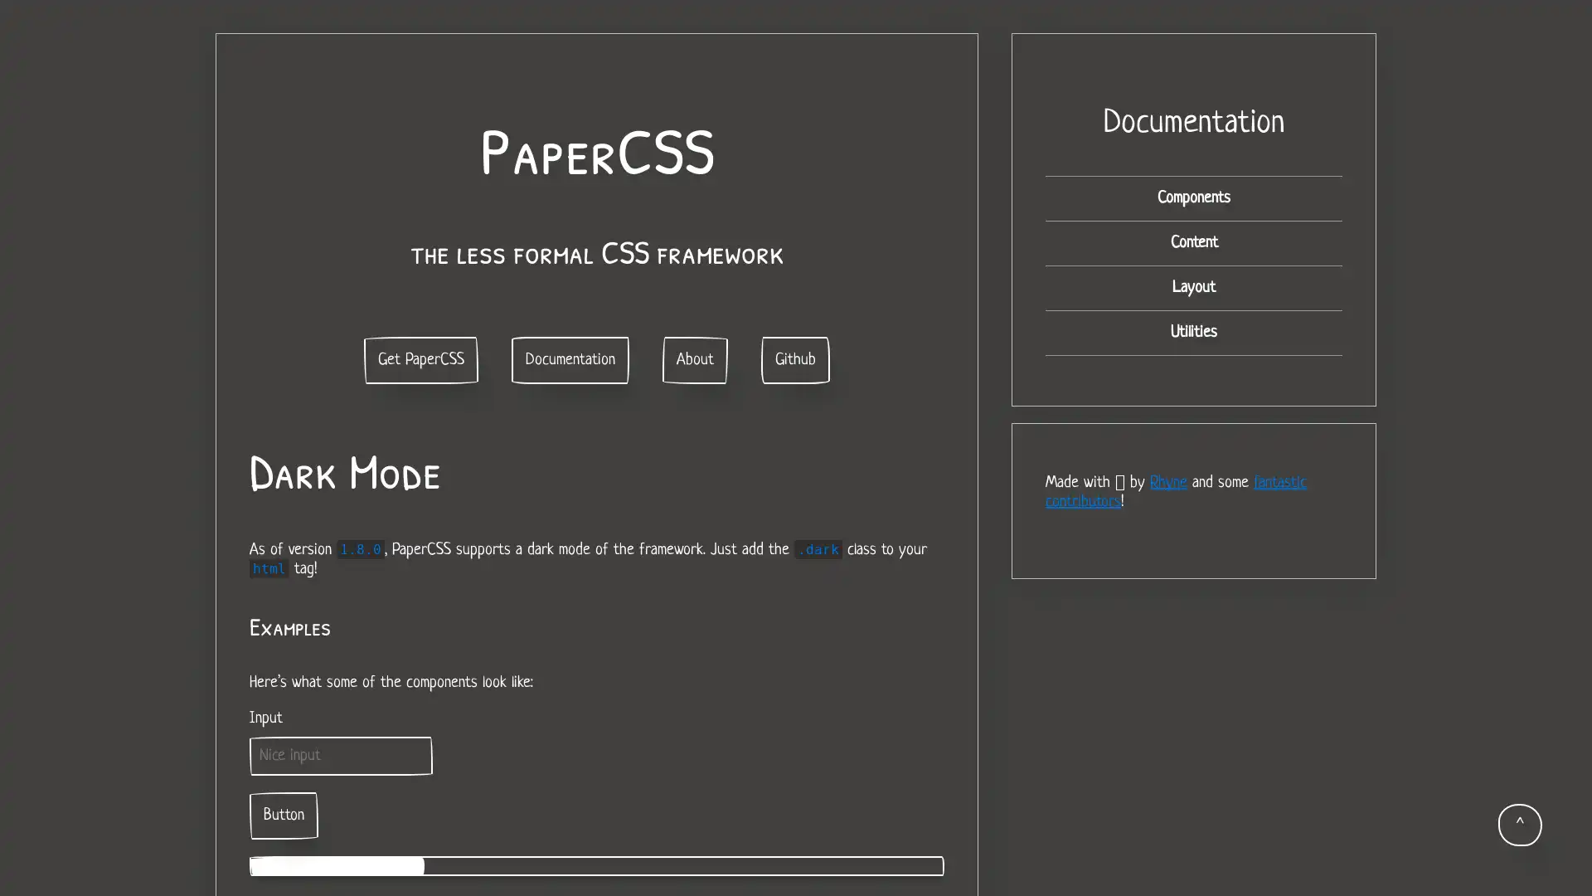 The height and width of the screenshot is (896, 1592). I want to click on Button, so click(284, 815).